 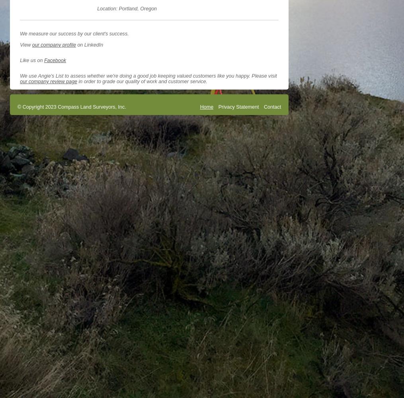 I want to click on 'on LinkedIn', so click(x=89, y=44).